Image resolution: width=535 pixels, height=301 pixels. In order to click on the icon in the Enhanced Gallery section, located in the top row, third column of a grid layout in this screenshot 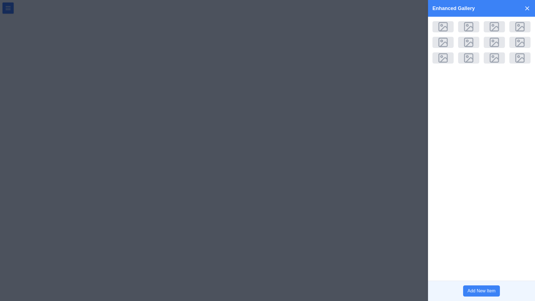, I will do `click(494, 27)`.